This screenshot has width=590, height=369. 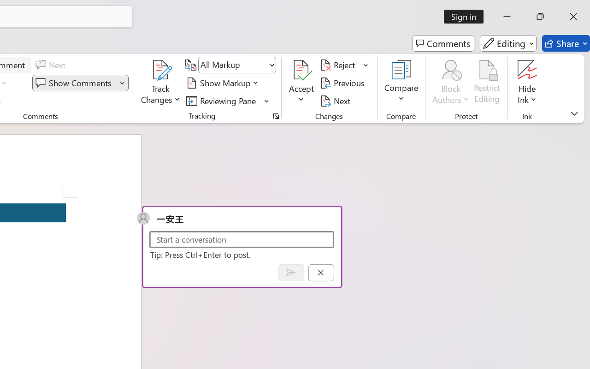 I want to click on 'Reject and Move to Next', so click(x=339, y=65).